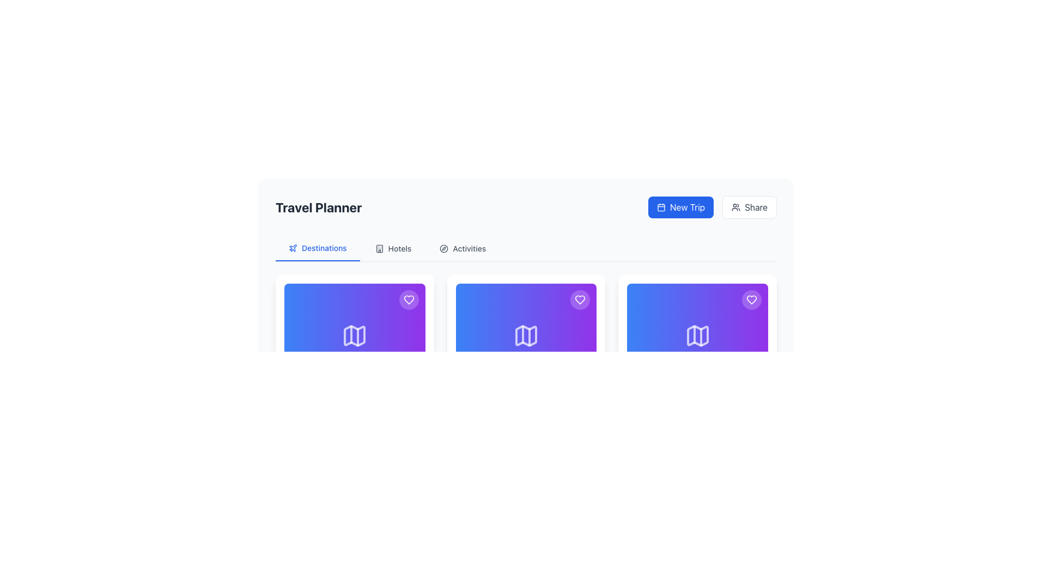 The width and height of the screenshot is (1046, 588). I want to click on the map icon with rounded edges and partial transparency located in the second position of a horizontal arrangement of elements, so click(526, 335).